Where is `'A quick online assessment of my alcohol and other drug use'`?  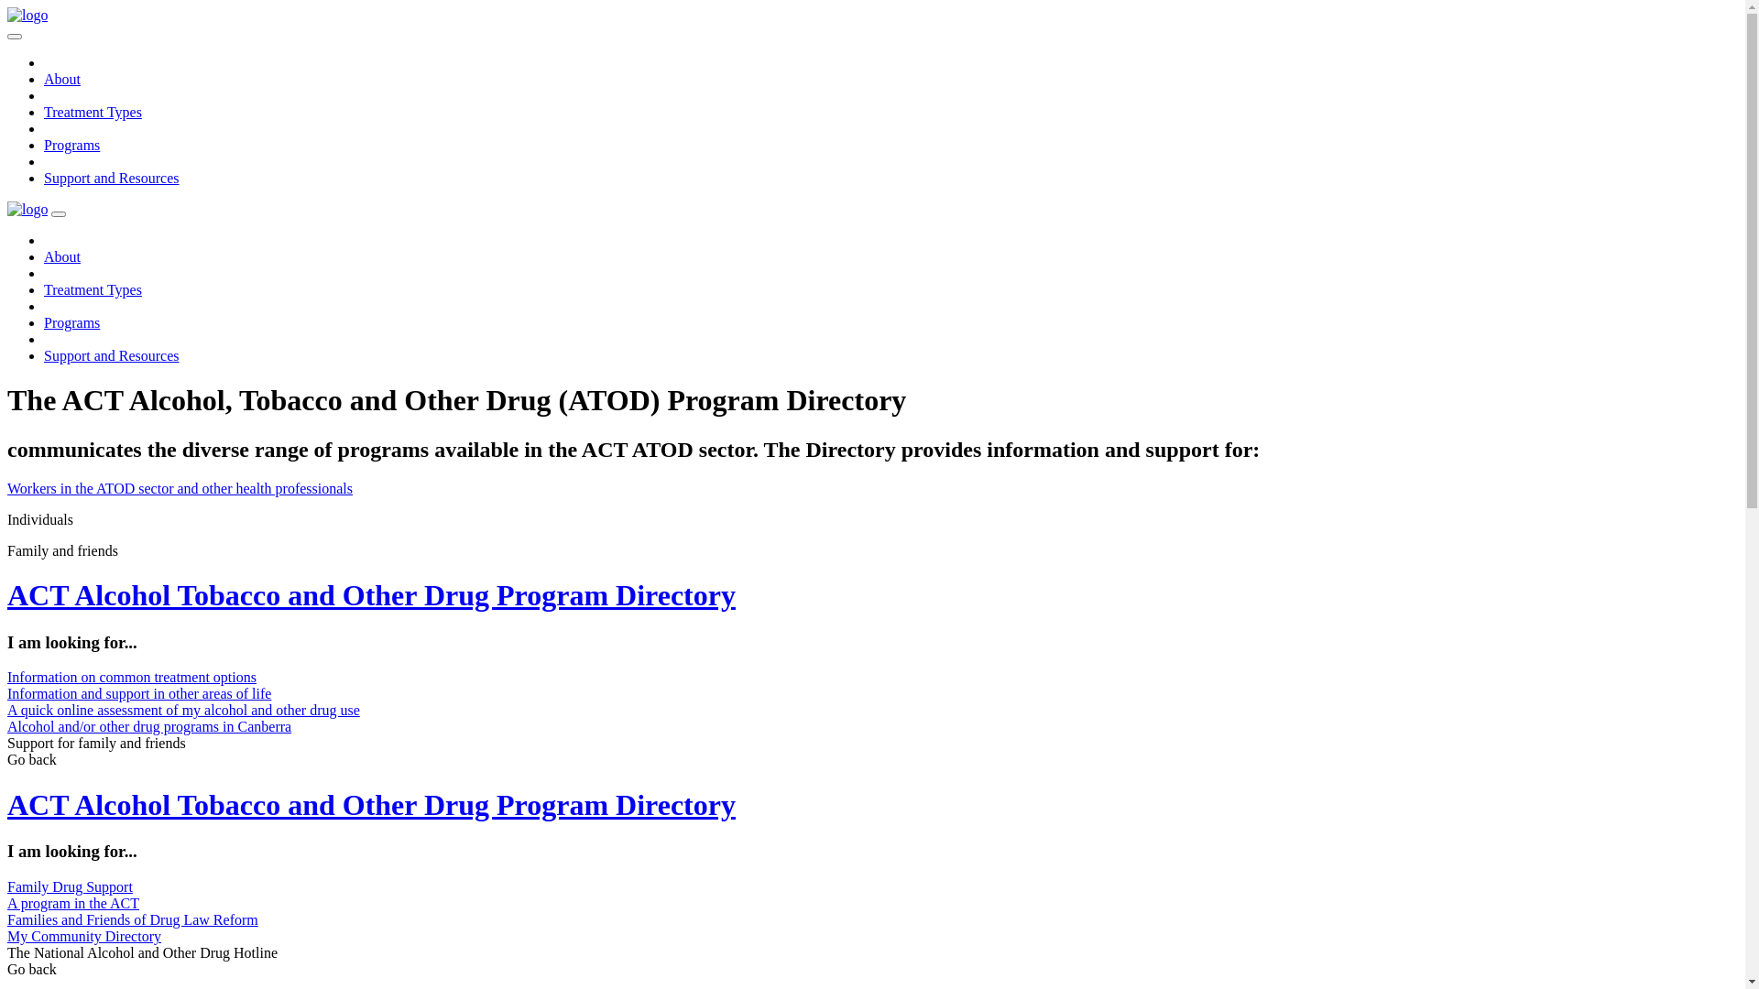 'A quick online assessment of my alcohol and other drug use' is located at coordinates (183, 709).